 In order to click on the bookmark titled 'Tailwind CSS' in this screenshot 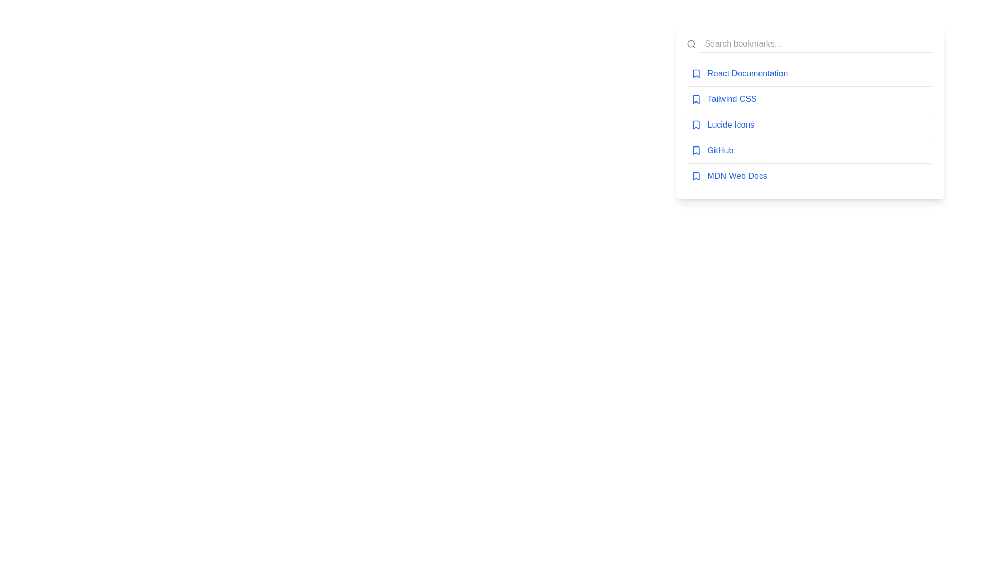, I will do `click(809, 99)`.